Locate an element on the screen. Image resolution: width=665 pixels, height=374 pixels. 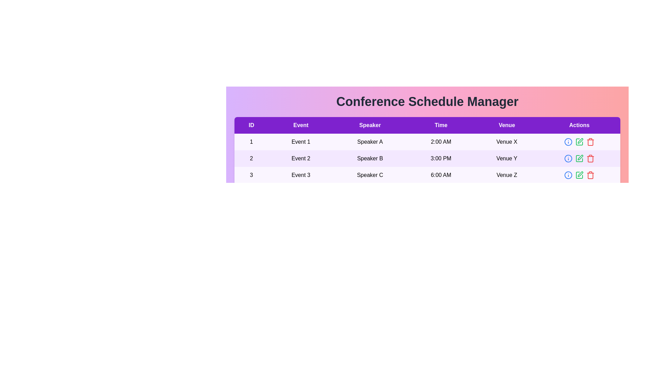
the row corresponding to 3 is located at coordinates (427, 175).